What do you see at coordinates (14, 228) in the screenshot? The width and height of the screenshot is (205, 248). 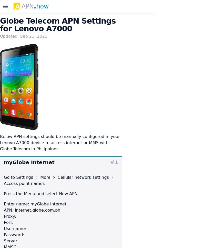 I see `'Username:'` at bounding box center [14, 228].